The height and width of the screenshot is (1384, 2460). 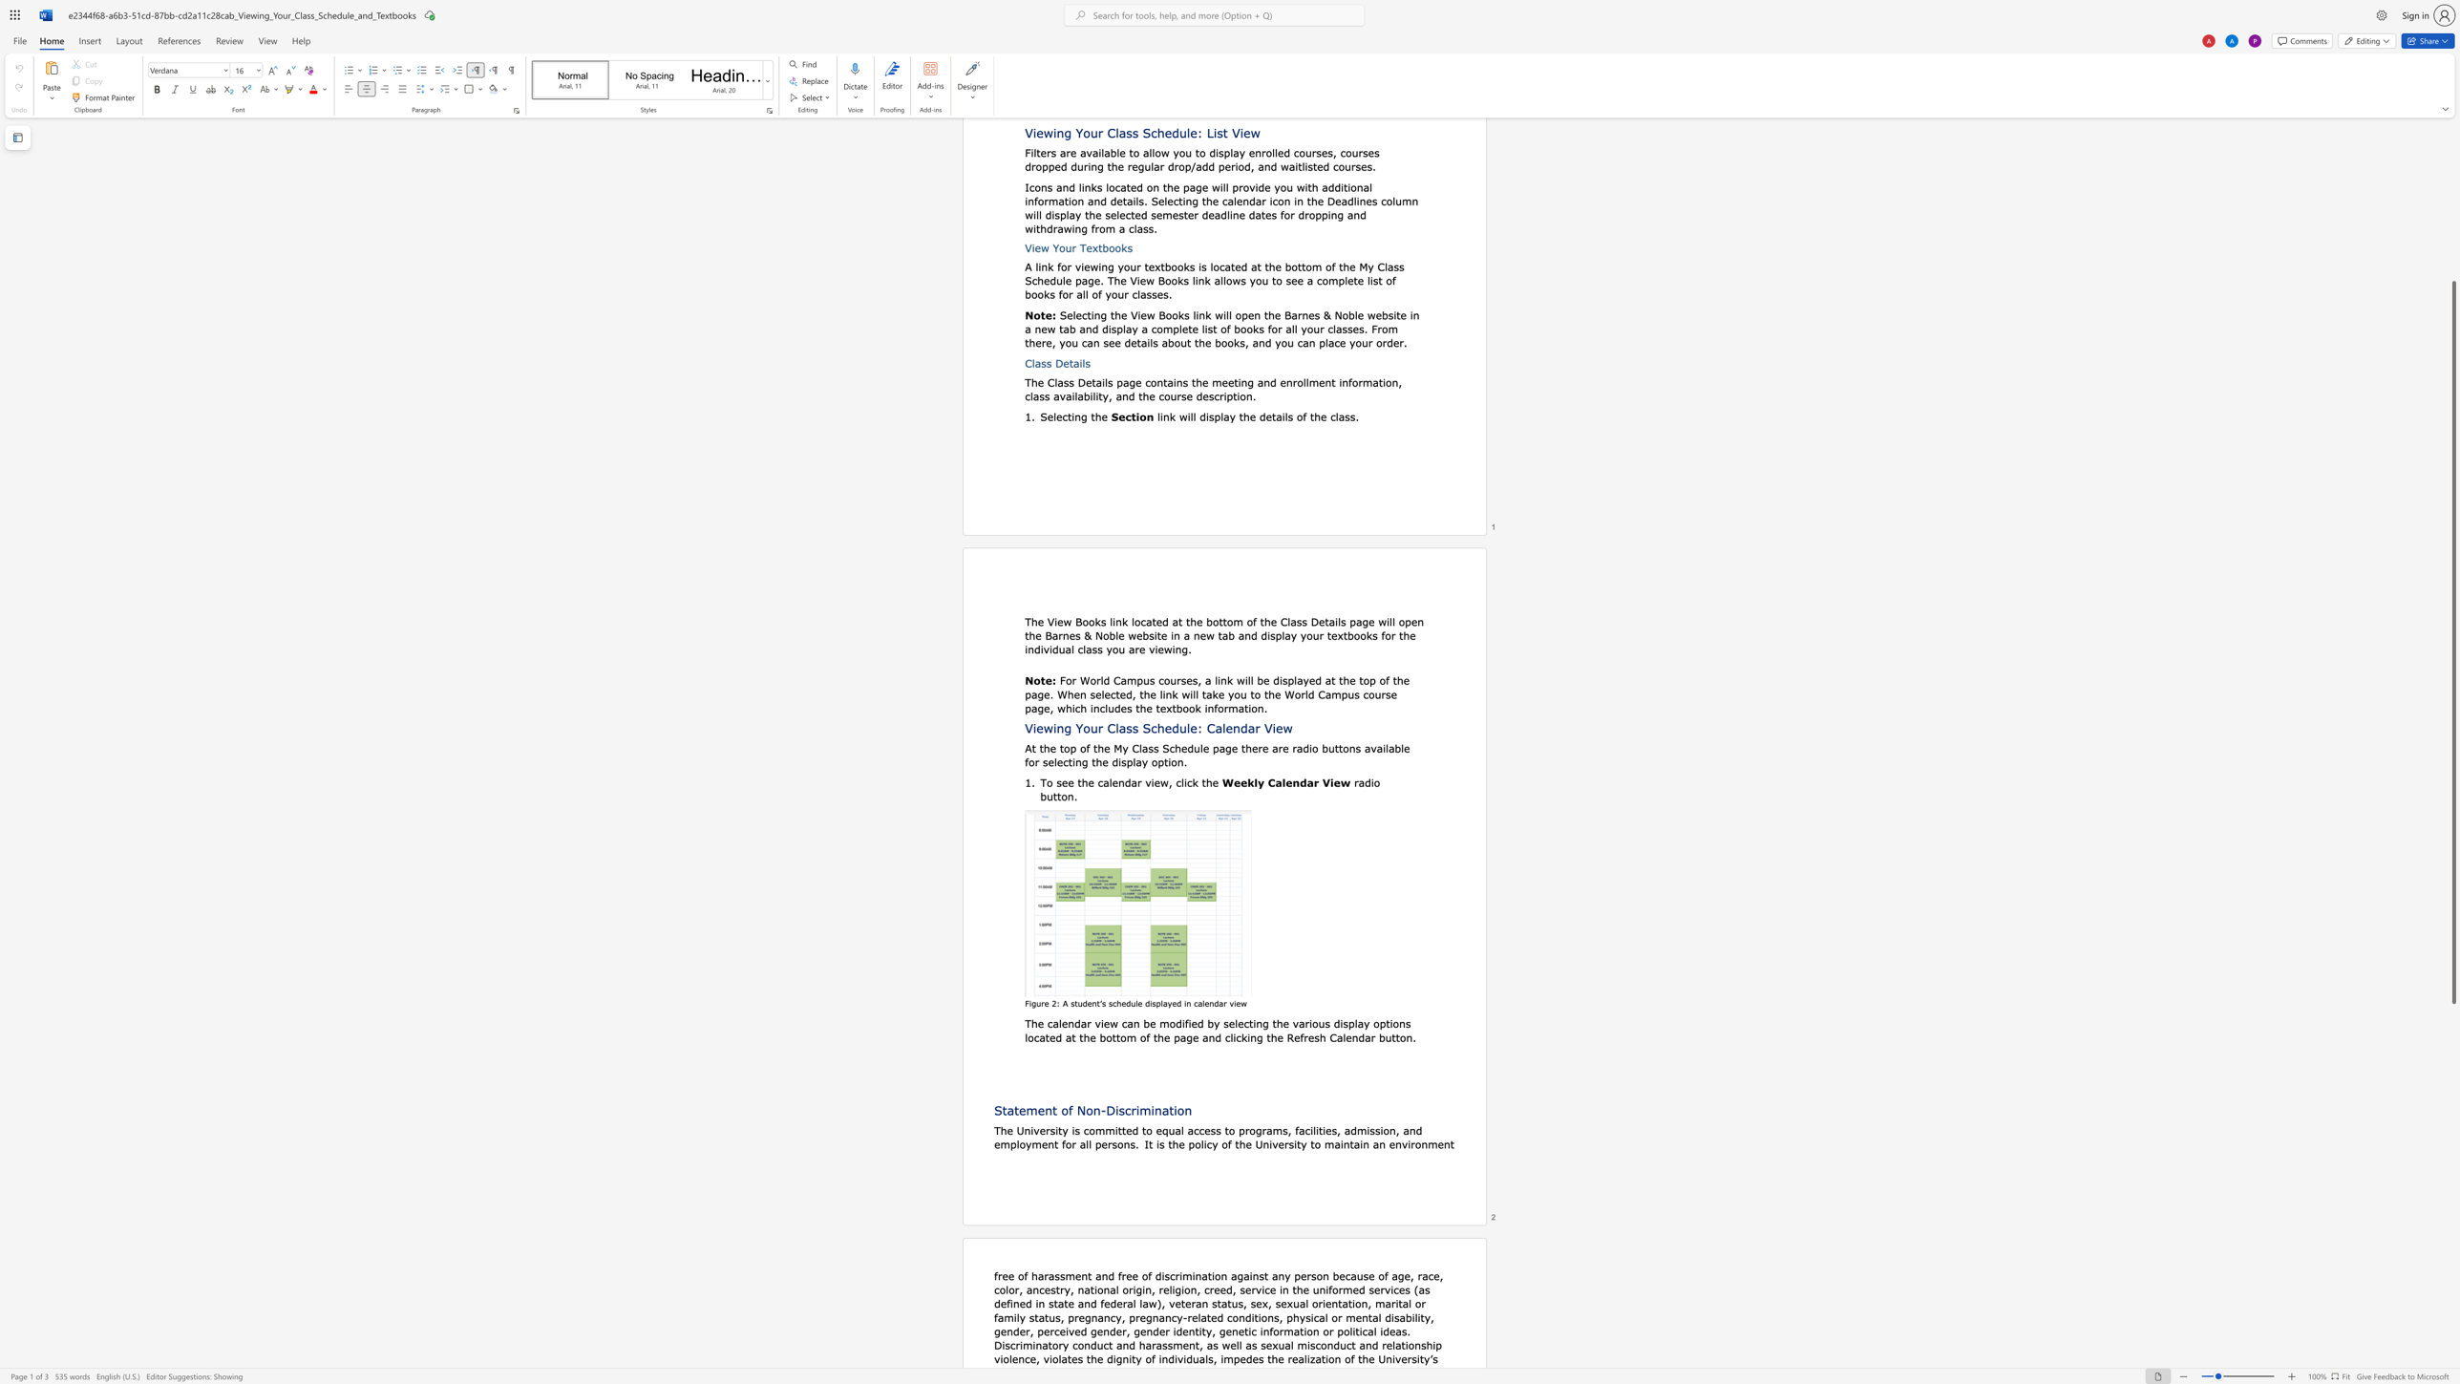 What do you see at coordinates (2452, 147) in the screenshot?
I see `the vertical scrollbar to raise the page content` at bounding box center [2452, 147].